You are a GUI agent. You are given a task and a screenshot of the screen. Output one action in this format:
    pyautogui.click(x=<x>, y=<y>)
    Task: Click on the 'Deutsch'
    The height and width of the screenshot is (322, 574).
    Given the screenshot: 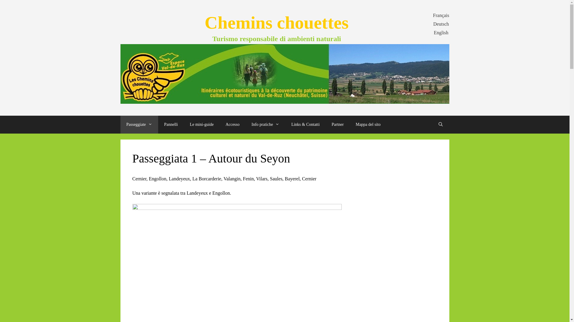 What is the action you would take?
    pyautogui.click(x=441, y=24)
    